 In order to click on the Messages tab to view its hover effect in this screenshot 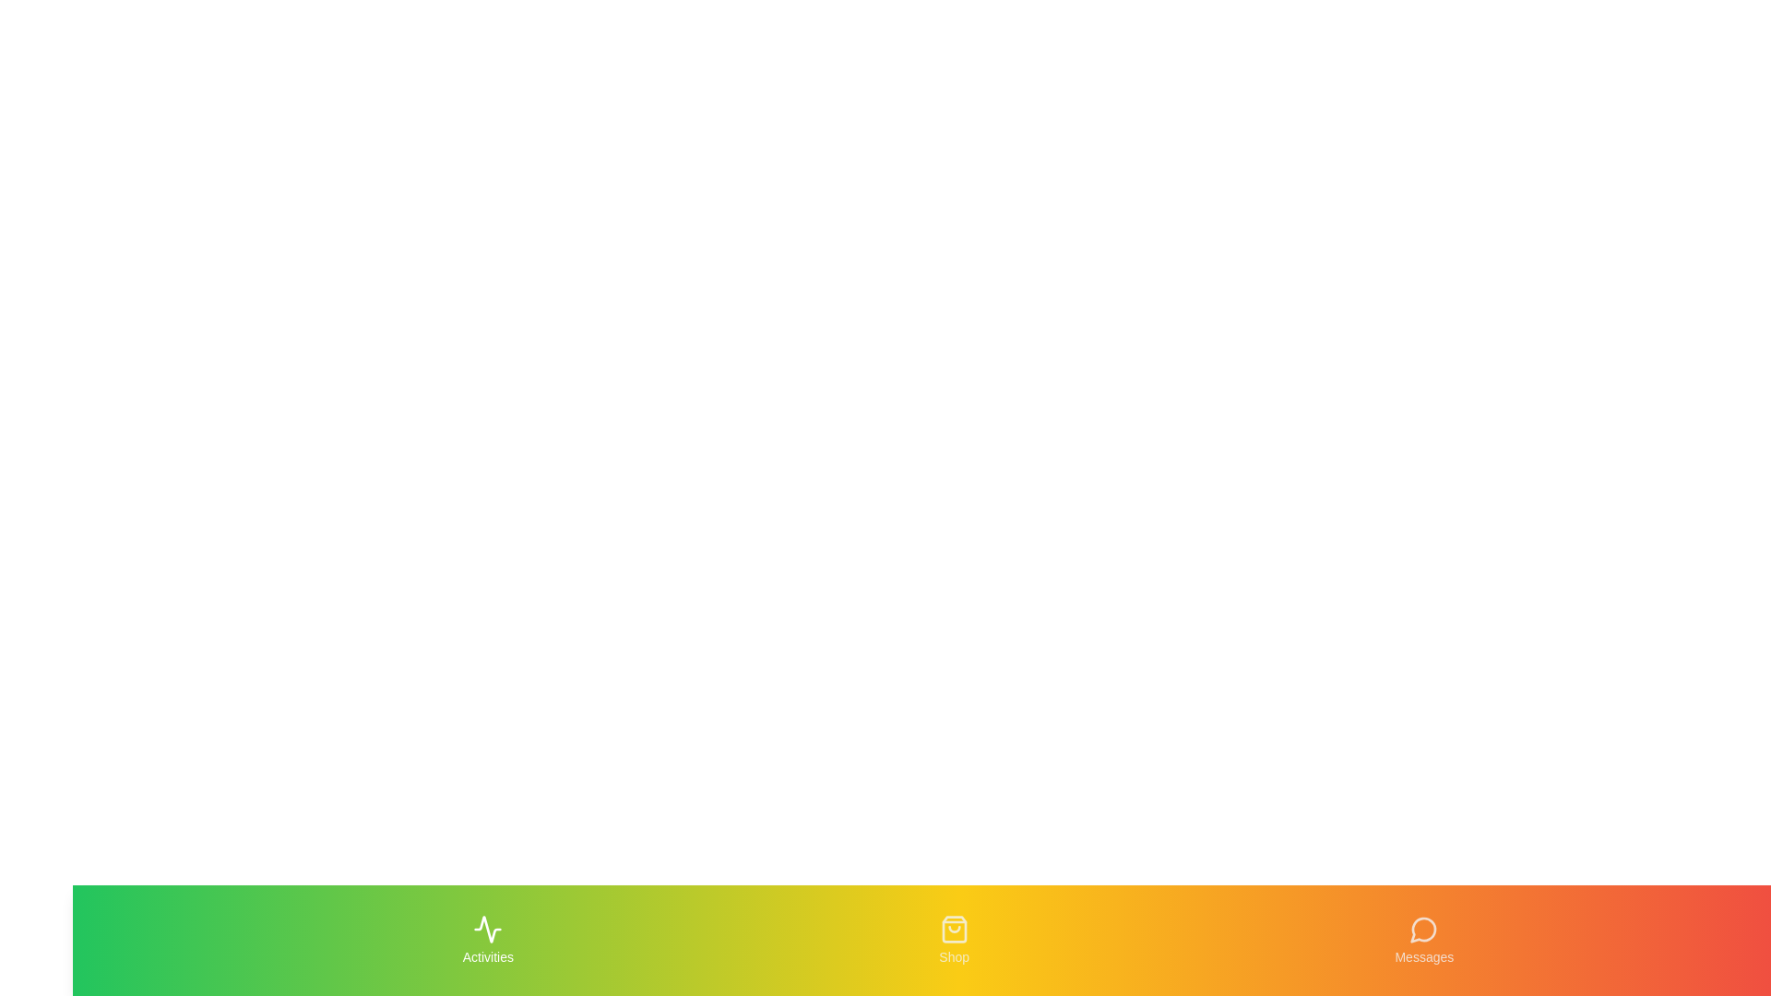, I will do `click(1423, 940)`.